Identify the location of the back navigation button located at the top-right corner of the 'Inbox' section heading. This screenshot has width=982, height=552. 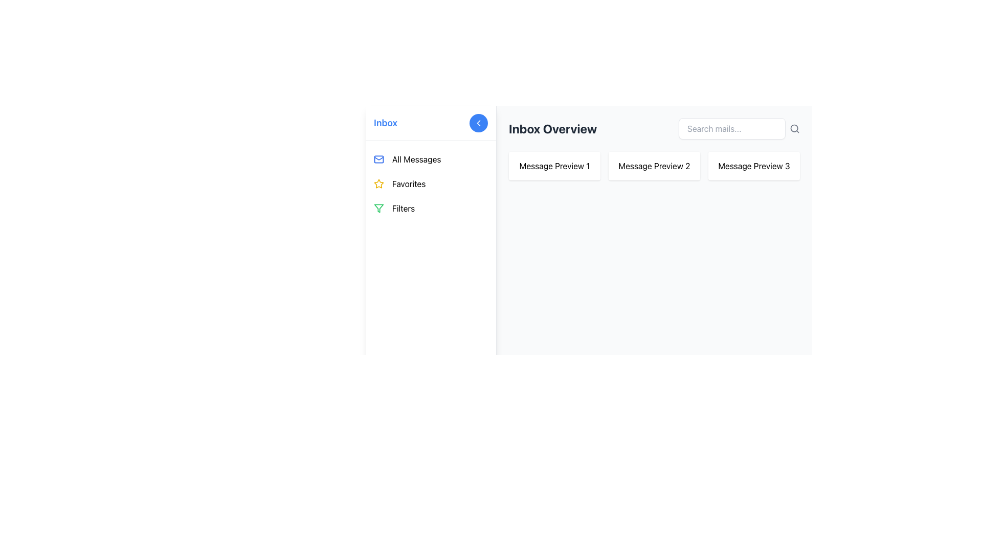
(478, 122).